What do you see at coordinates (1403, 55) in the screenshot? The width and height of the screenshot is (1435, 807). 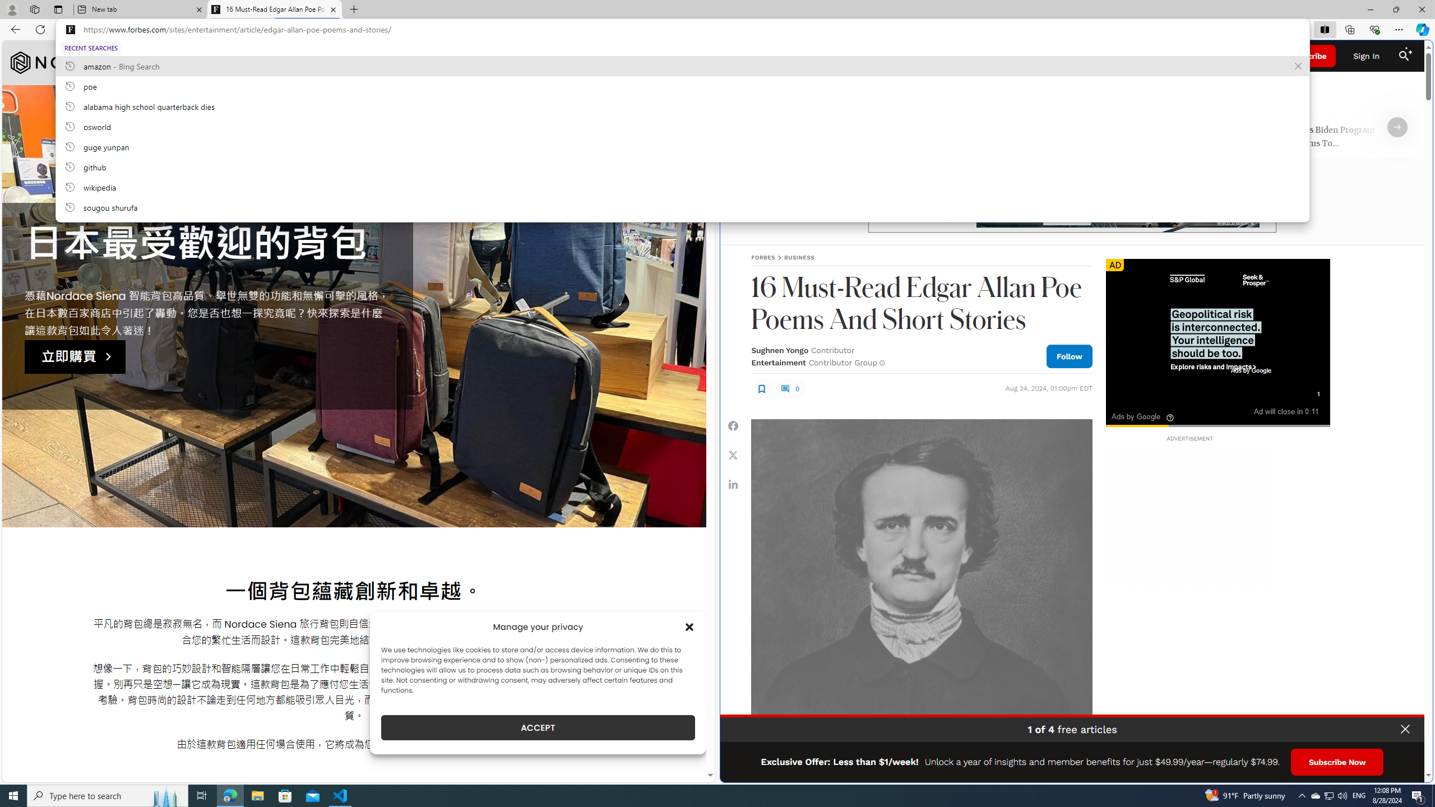 I see `'Class: search_svg__fs-icon search_svg__fs-icon--search'` at bounding box center [1403, 55].